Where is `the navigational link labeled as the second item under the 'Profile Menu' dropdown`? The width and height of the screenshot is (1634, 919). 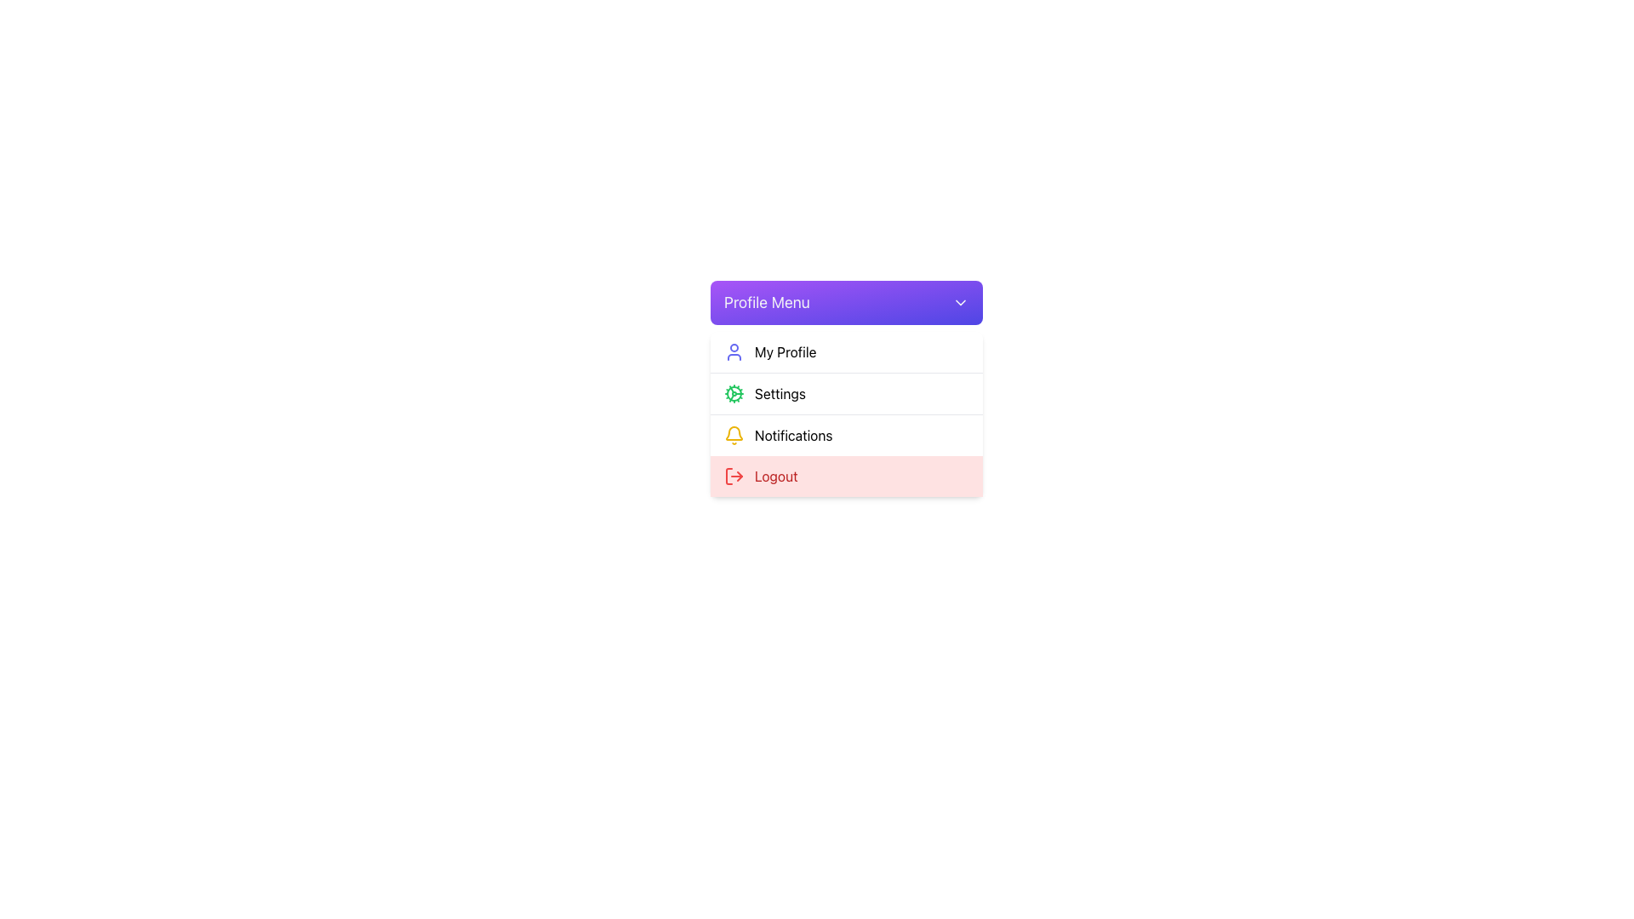
the navigational link labeled as the second item under the 'Profile Menu' dropdown is located at coordinates (846, 393).